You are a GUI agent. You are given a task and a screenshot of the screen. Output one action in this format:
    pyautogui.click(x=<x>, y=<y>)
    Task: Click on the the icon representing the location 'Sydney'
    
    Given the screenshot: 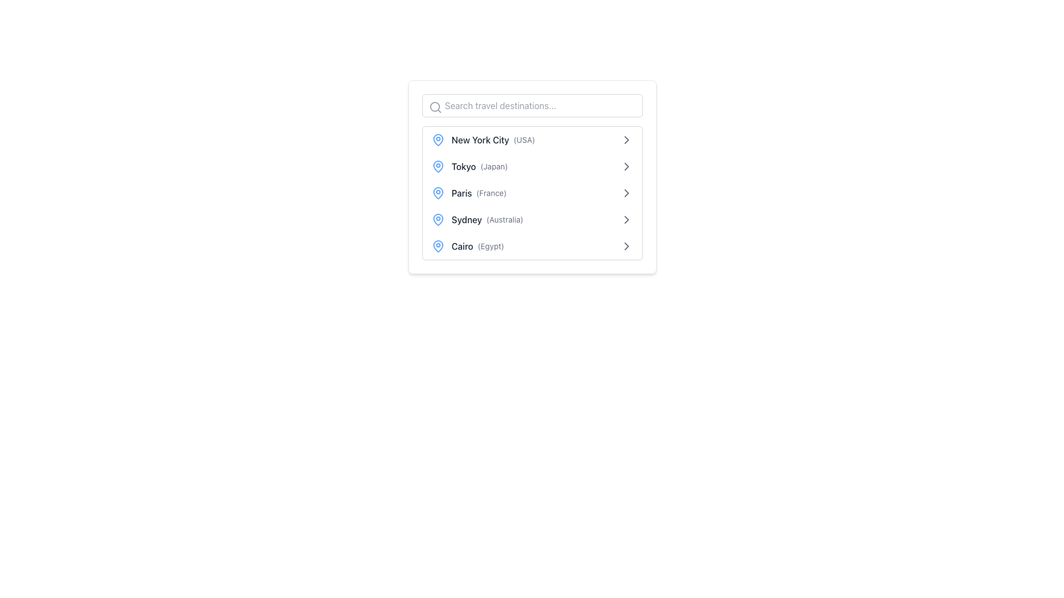 What is the action you would take?
    pyautogui.click(x=438, y=220)
    